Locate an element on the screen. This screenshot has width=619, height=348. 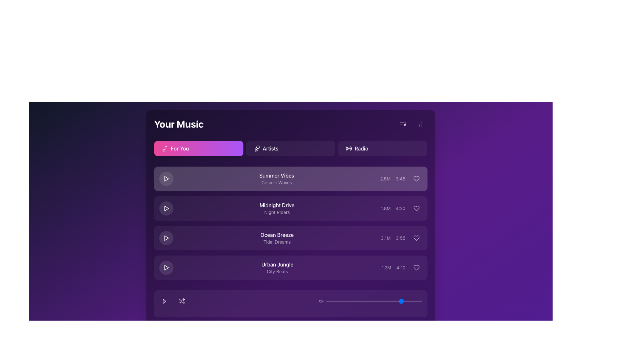
the bold white text label reading 'Your Music' located in the top-left corner of the dark-themed user interface is located at coordinates (179, 124).